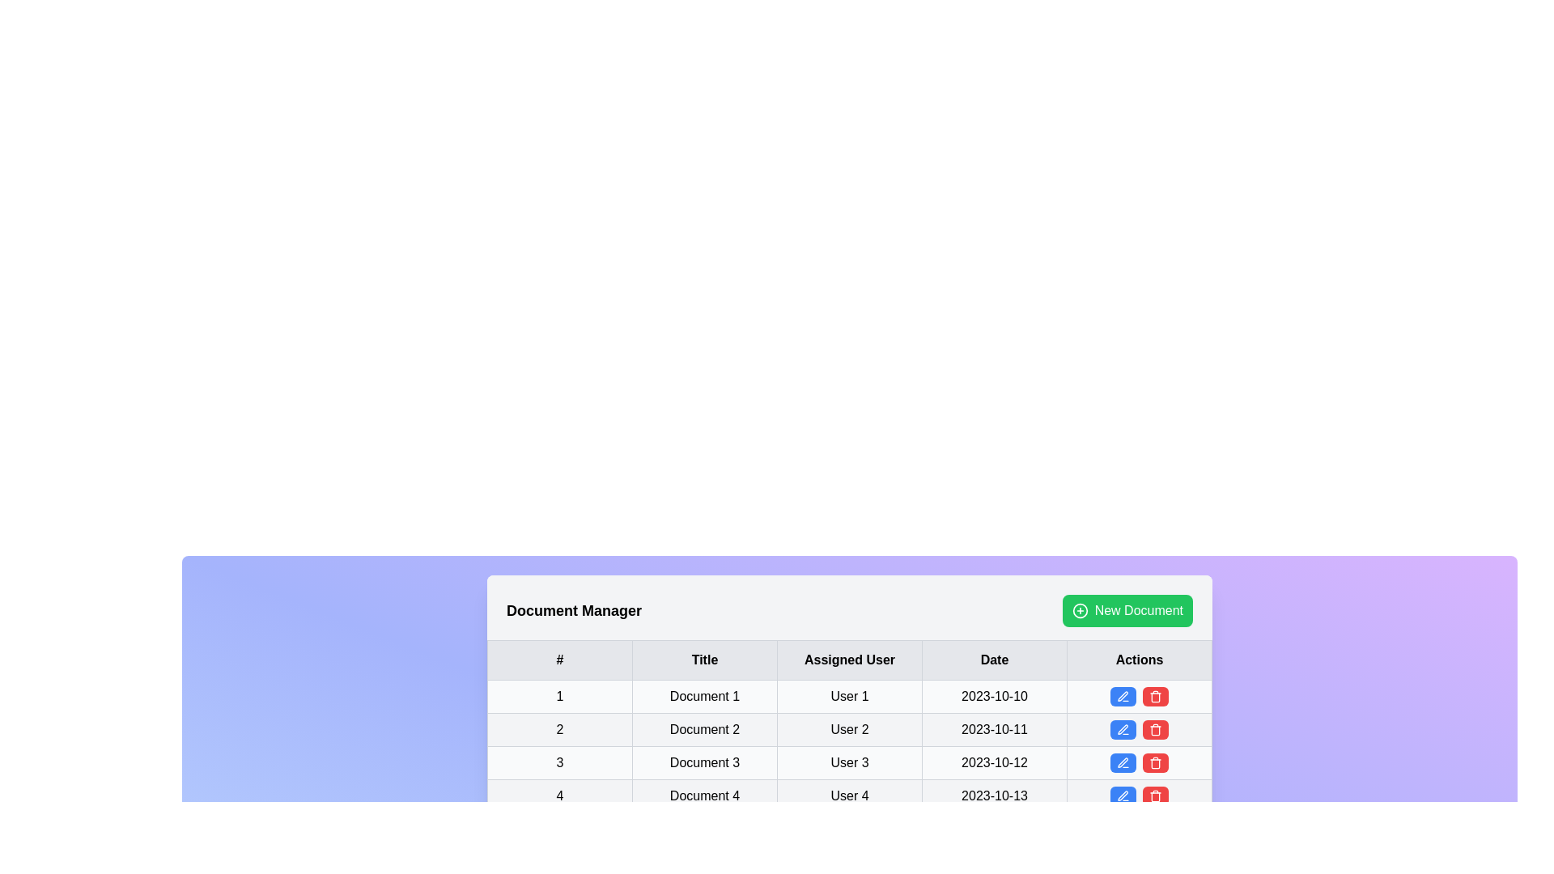  What do you see at coordinates (849, 762) in the screenshot?
I see `the table cell displaying 'User 3' in the third row of the data table under the 'Assigned User' column` at bounding box center [849, 762].